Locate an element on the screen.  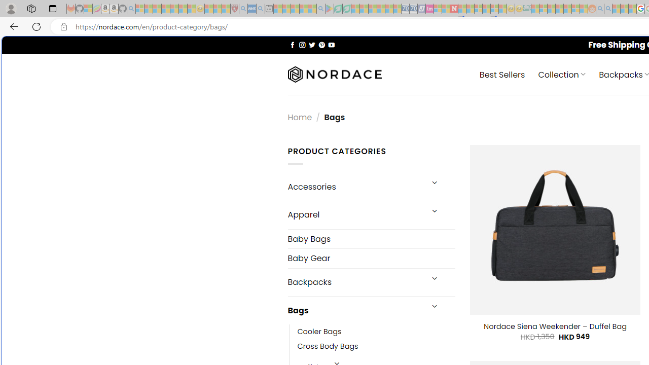
'  Best Sellers' is located at coordinates (502, 74).